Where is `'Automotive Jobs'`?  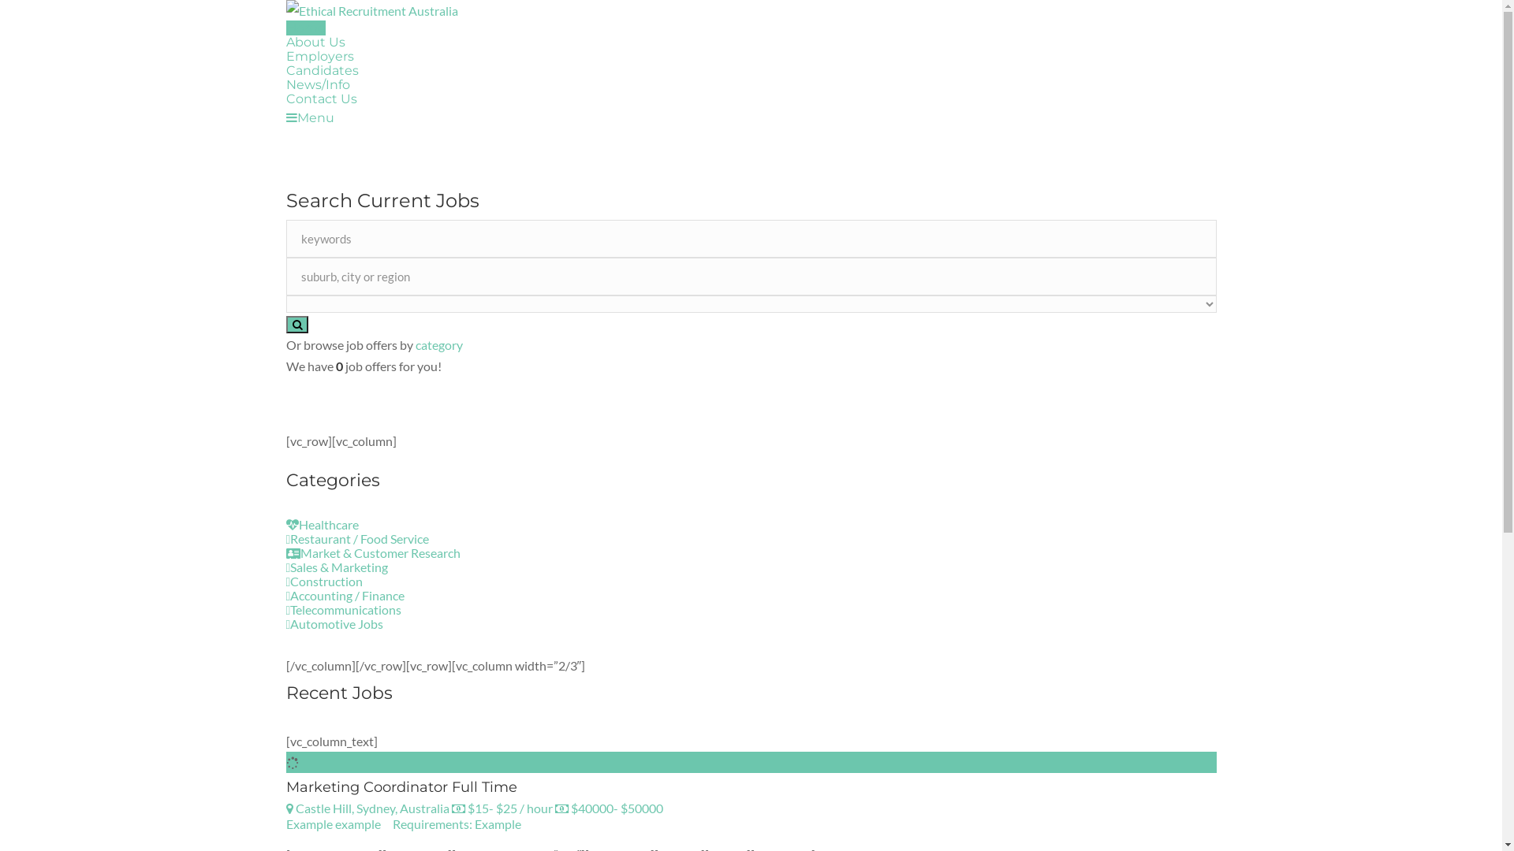
'Automotive Jobs' is located at coordinates (333, 622).